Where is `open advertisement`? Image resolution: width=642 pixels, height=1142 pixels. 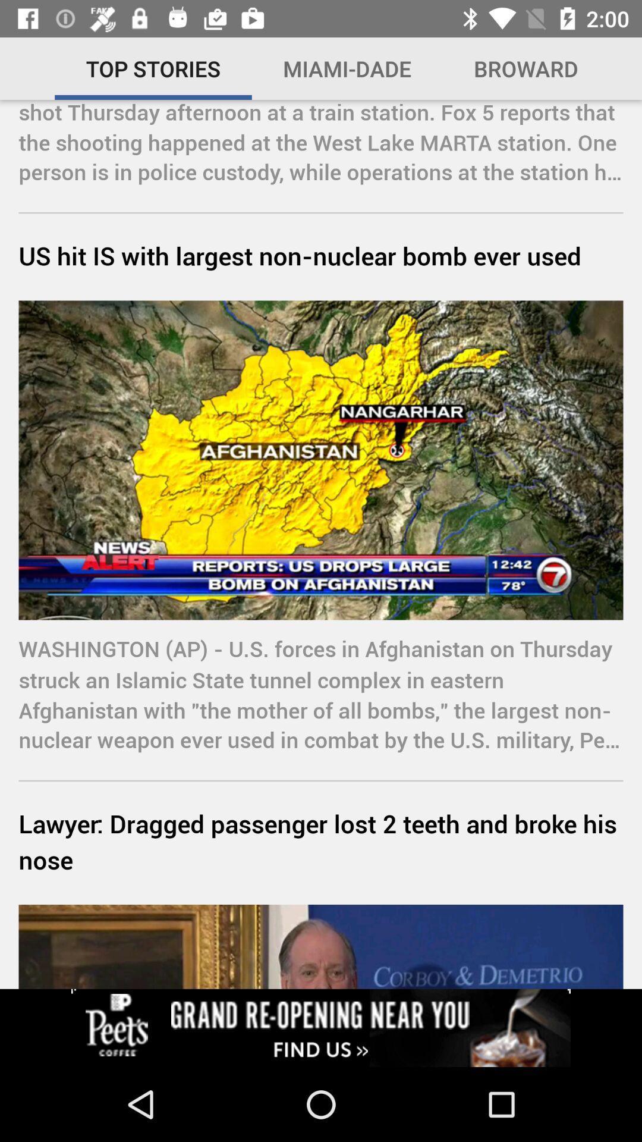 open advertisement is located at coordinates (321, 1027).